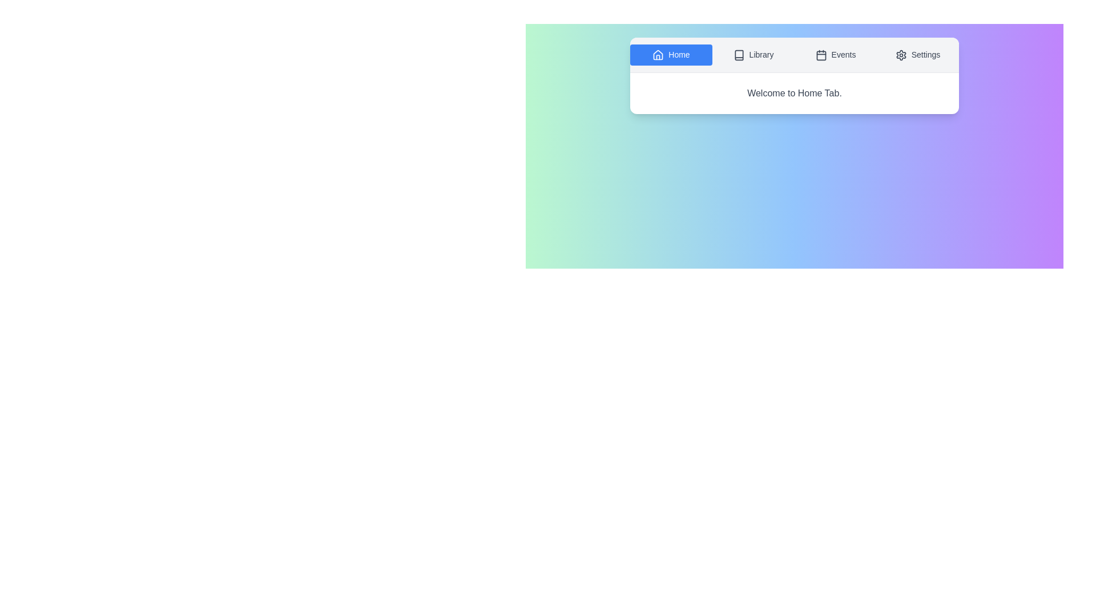 This screenshot has width=1096, height=616. What do you see at coordinates (900, 55) in the screenshot?
I see `the gear icon in the top-right corner of the navigation bar` at bounding box center [900, 55].